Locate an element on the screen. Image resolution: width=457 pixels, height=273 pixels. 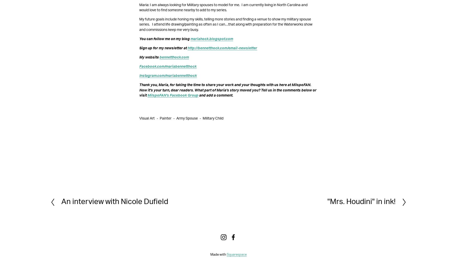
'You can follow me on my blog' is located at coordinates (139, 39).